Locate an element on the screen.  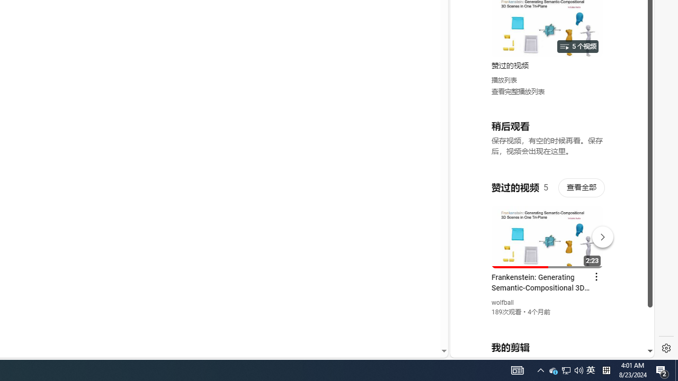
'#you' is located at coordinates (548, 232).